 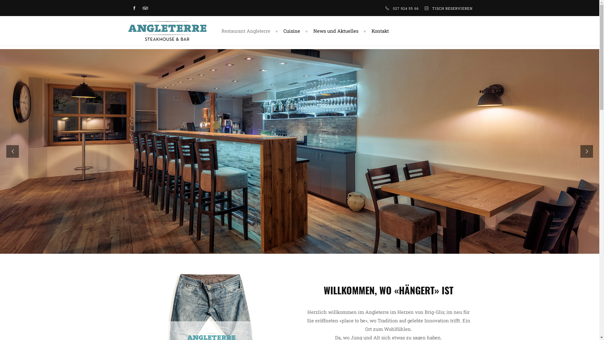 What do you see at coordinates (336, 31) in the screenshot?
I see `'News und Aktuelles'` at bounding box center [336, 31].